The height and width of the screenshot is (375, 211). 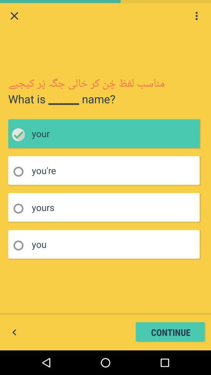 What do you see at coordinates (14, 16) in the screenshot?
I see `the close icon` at bounding box center [14, 16].